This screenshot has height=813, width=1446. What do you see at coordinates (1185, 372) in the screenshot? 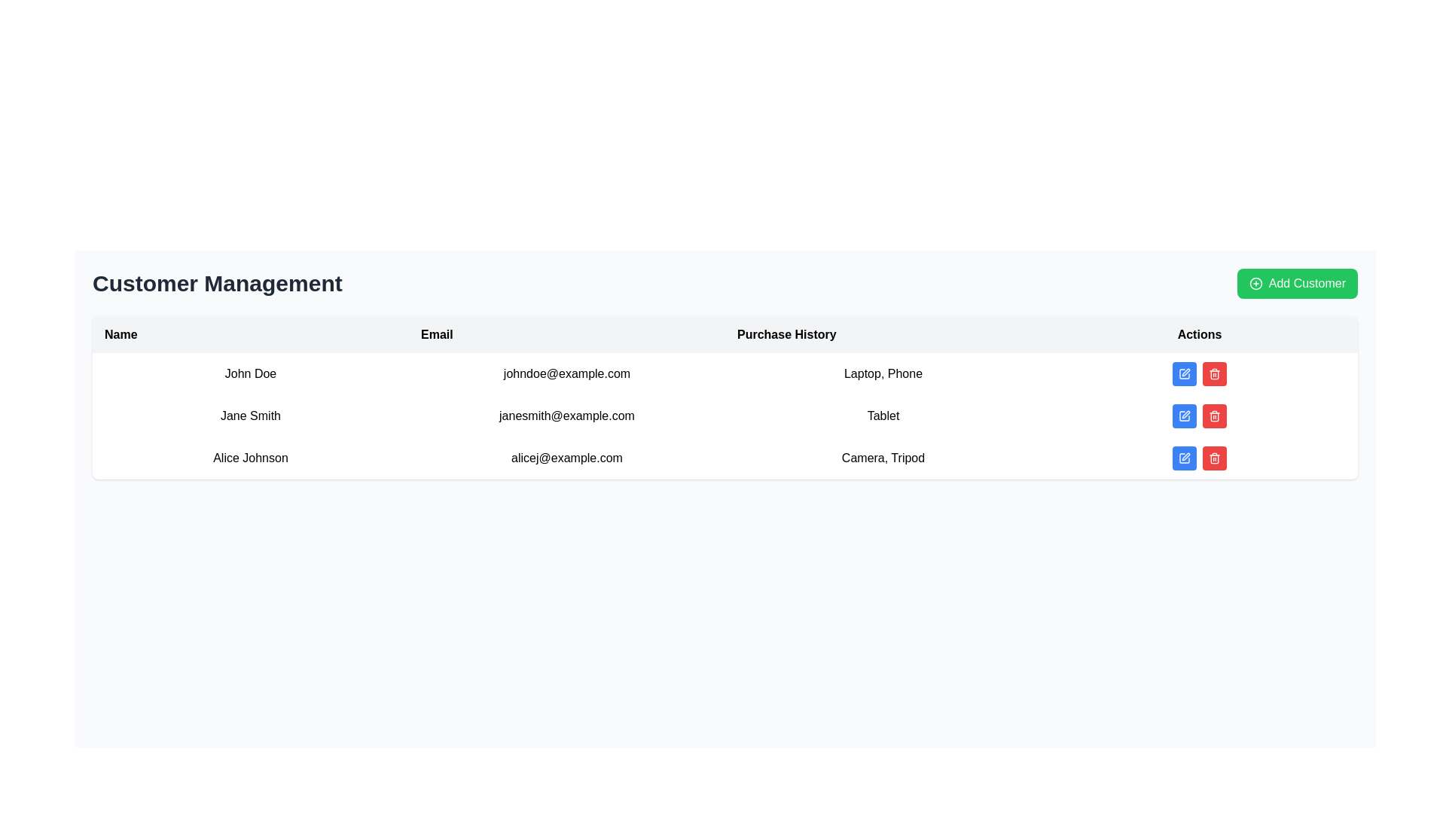
I see `the edit icon located in the first cell of the 'Actions' column in the table` at bounding box center [1185, 372].